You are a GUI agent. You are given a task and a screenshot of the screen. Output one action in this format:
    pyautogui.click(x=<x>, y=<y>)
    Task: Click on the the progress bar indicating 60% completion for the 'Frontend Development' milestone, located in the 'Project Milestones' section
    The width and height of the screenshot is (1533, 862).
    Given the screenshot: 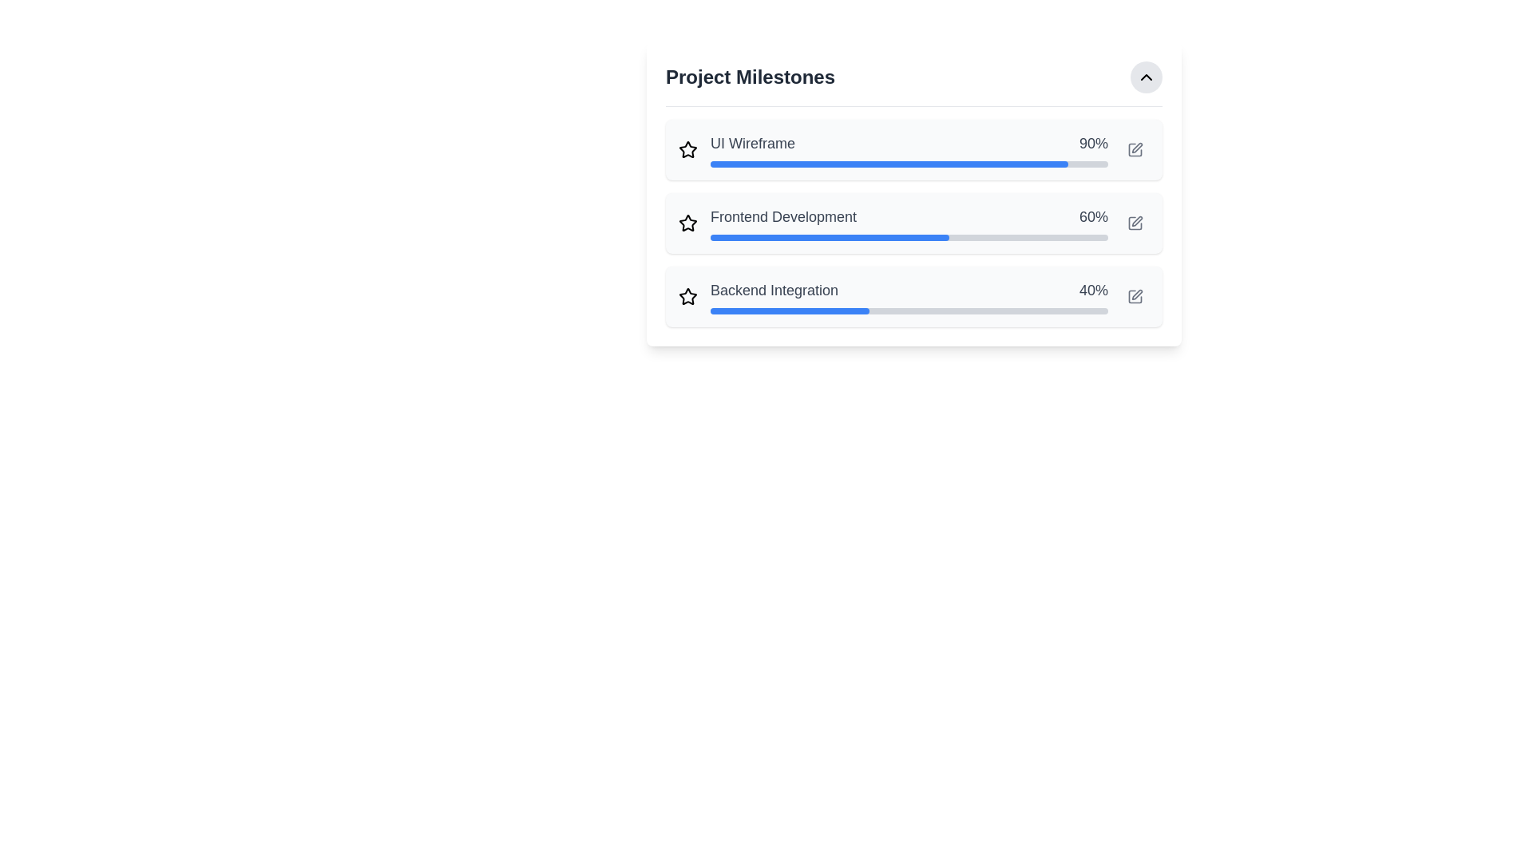 What is the action you would take?
    pyautogui.click(x=914, y=223)
    